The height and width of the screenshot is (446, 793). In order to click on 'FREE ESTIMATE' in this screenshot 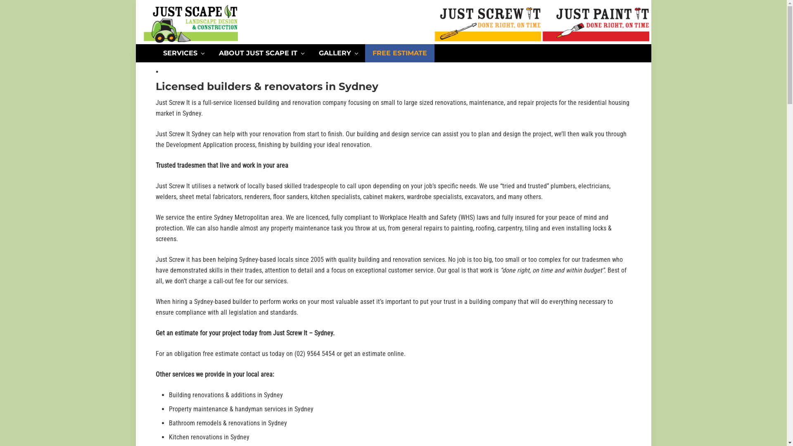, I will do `click(400, 53)`.